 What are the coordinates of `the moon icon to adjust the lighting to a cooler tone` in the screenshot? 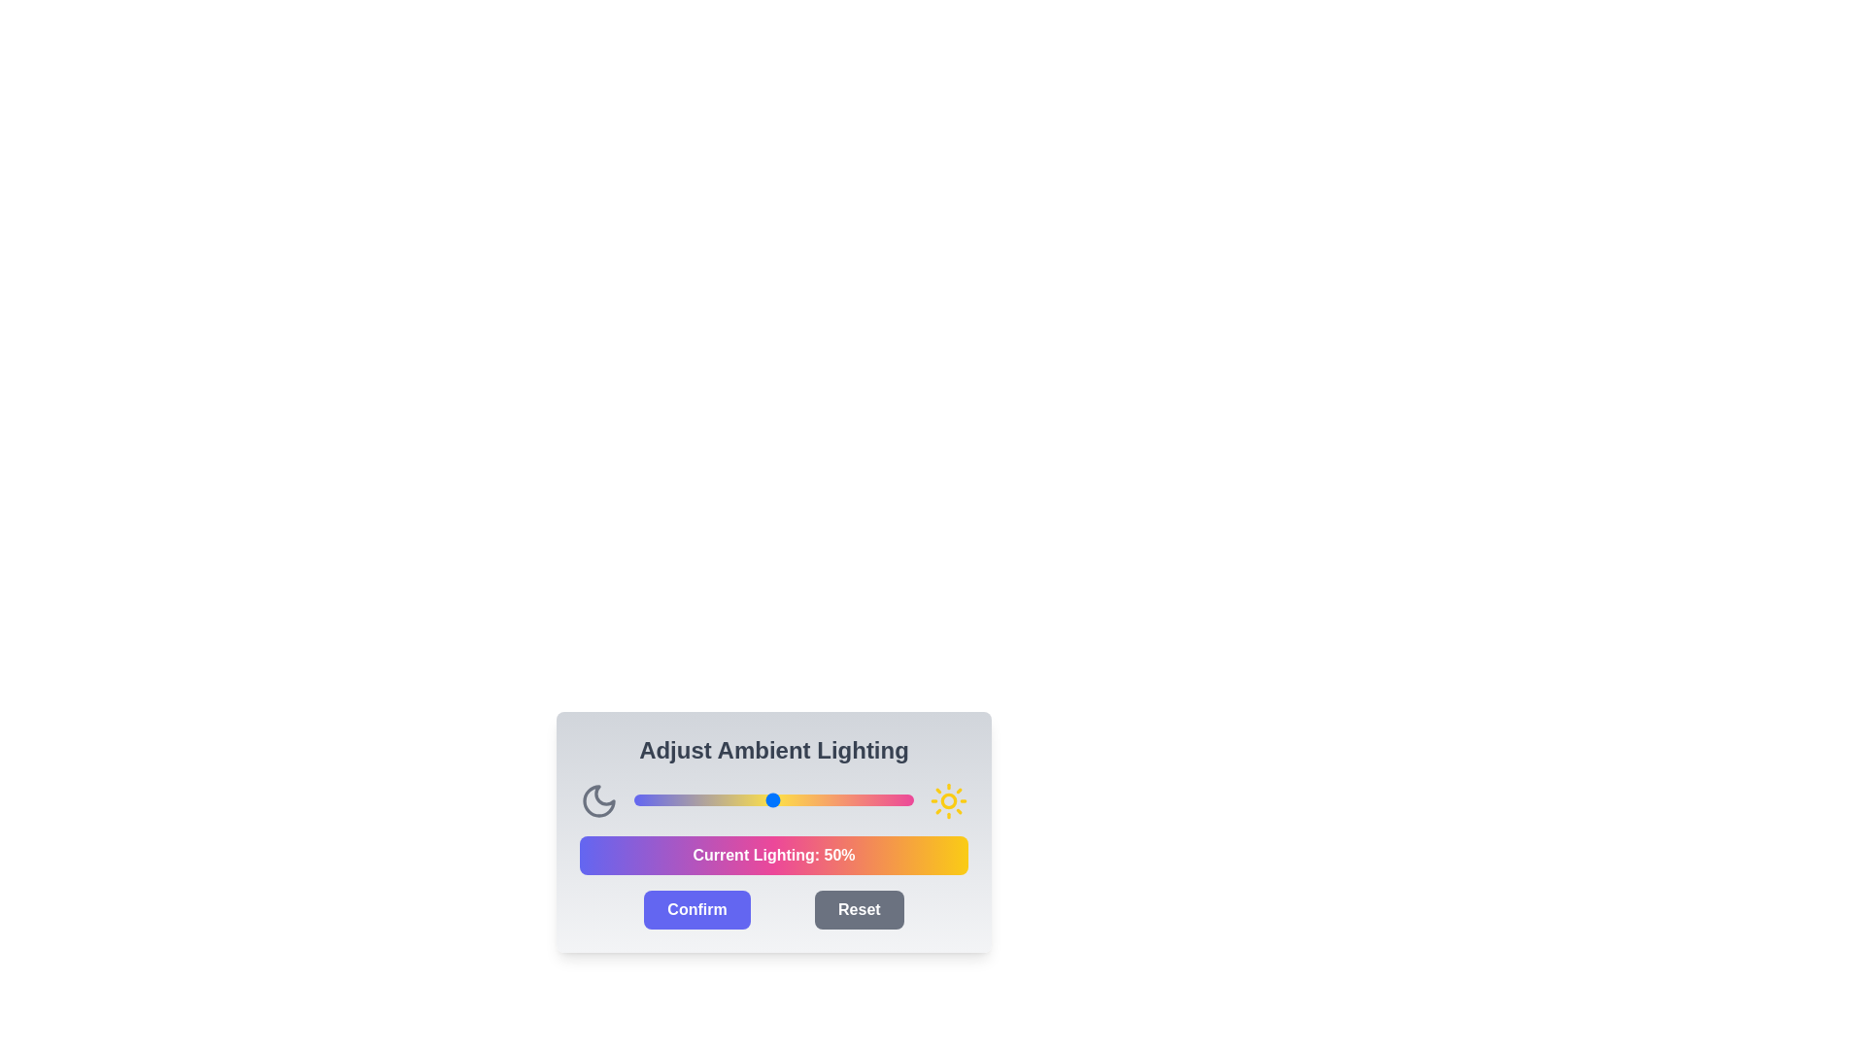 It's located at (598, 801).